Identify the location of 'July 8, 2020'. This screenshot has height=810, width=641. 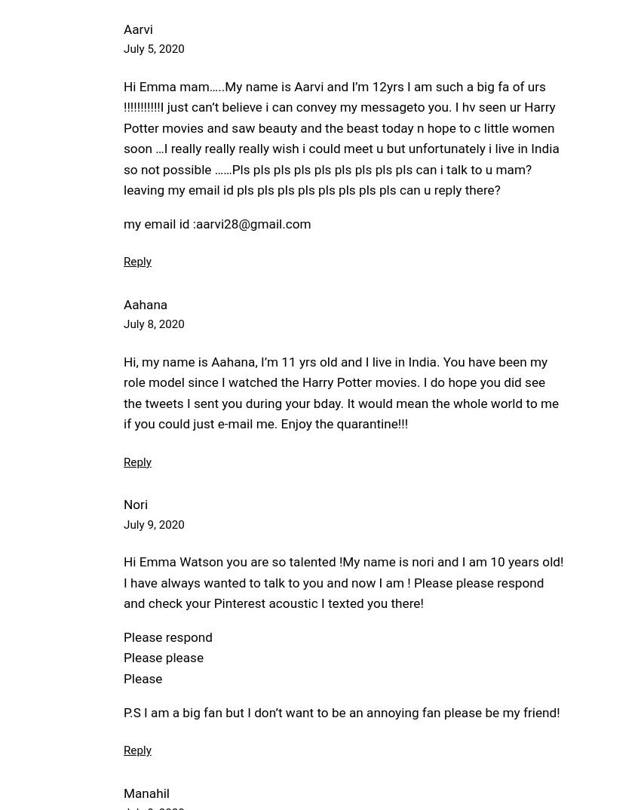
(153, 324).